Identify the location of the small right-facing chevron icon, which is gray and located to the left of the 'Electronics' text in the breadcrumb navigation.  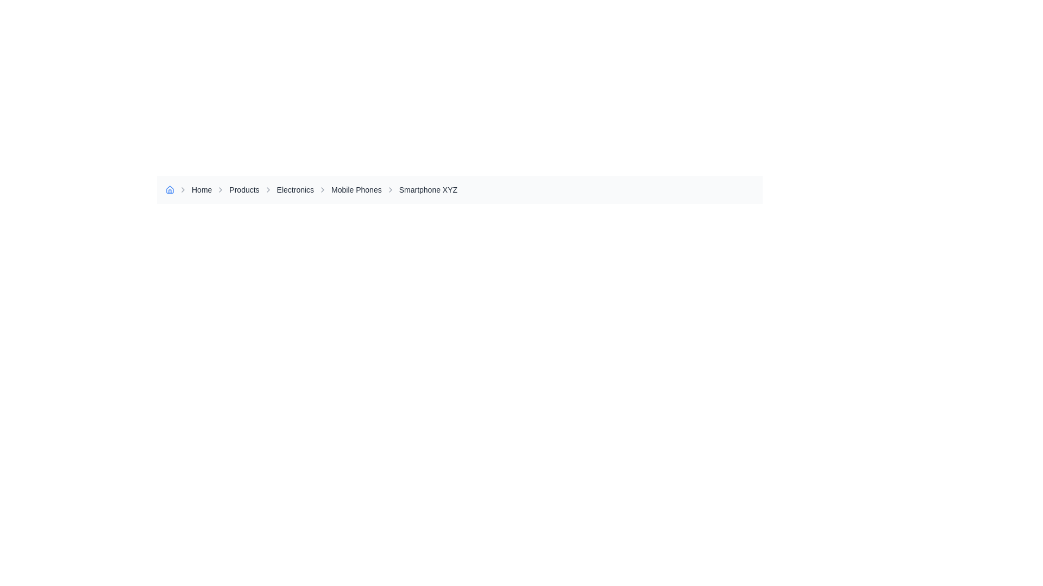
(268, 189).